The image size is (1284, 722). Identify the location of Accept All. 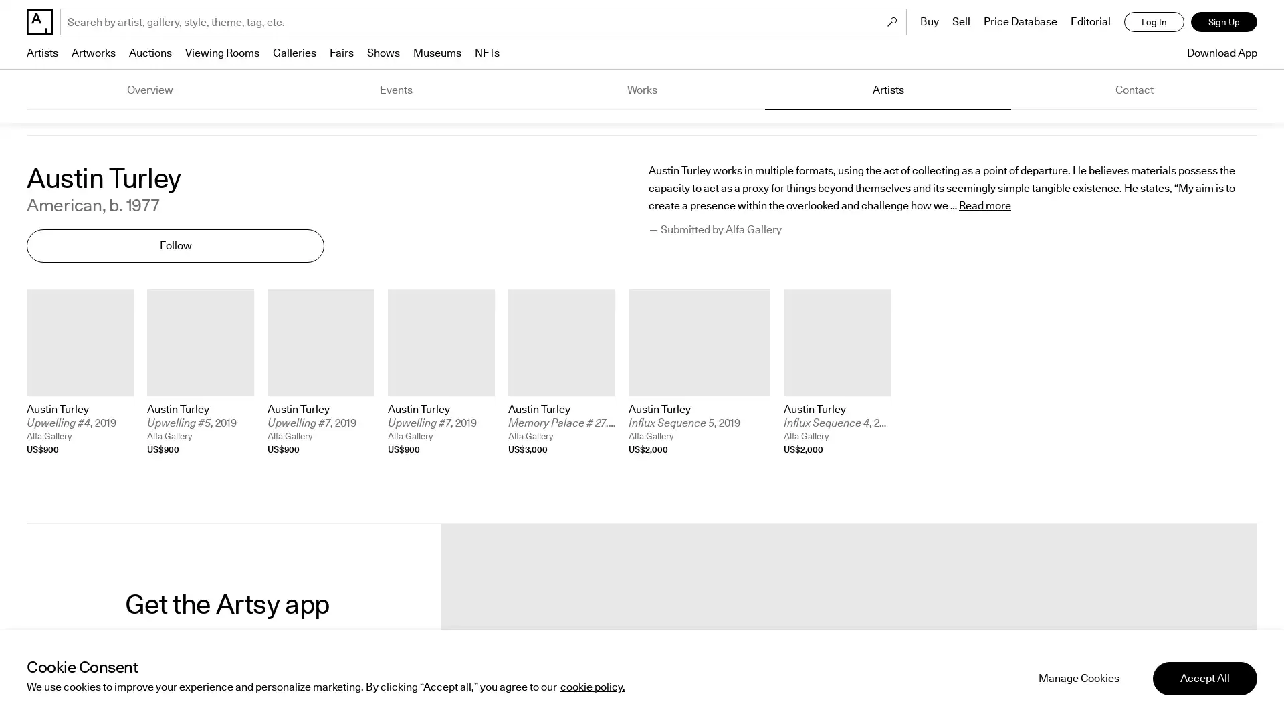
(1204, 678).